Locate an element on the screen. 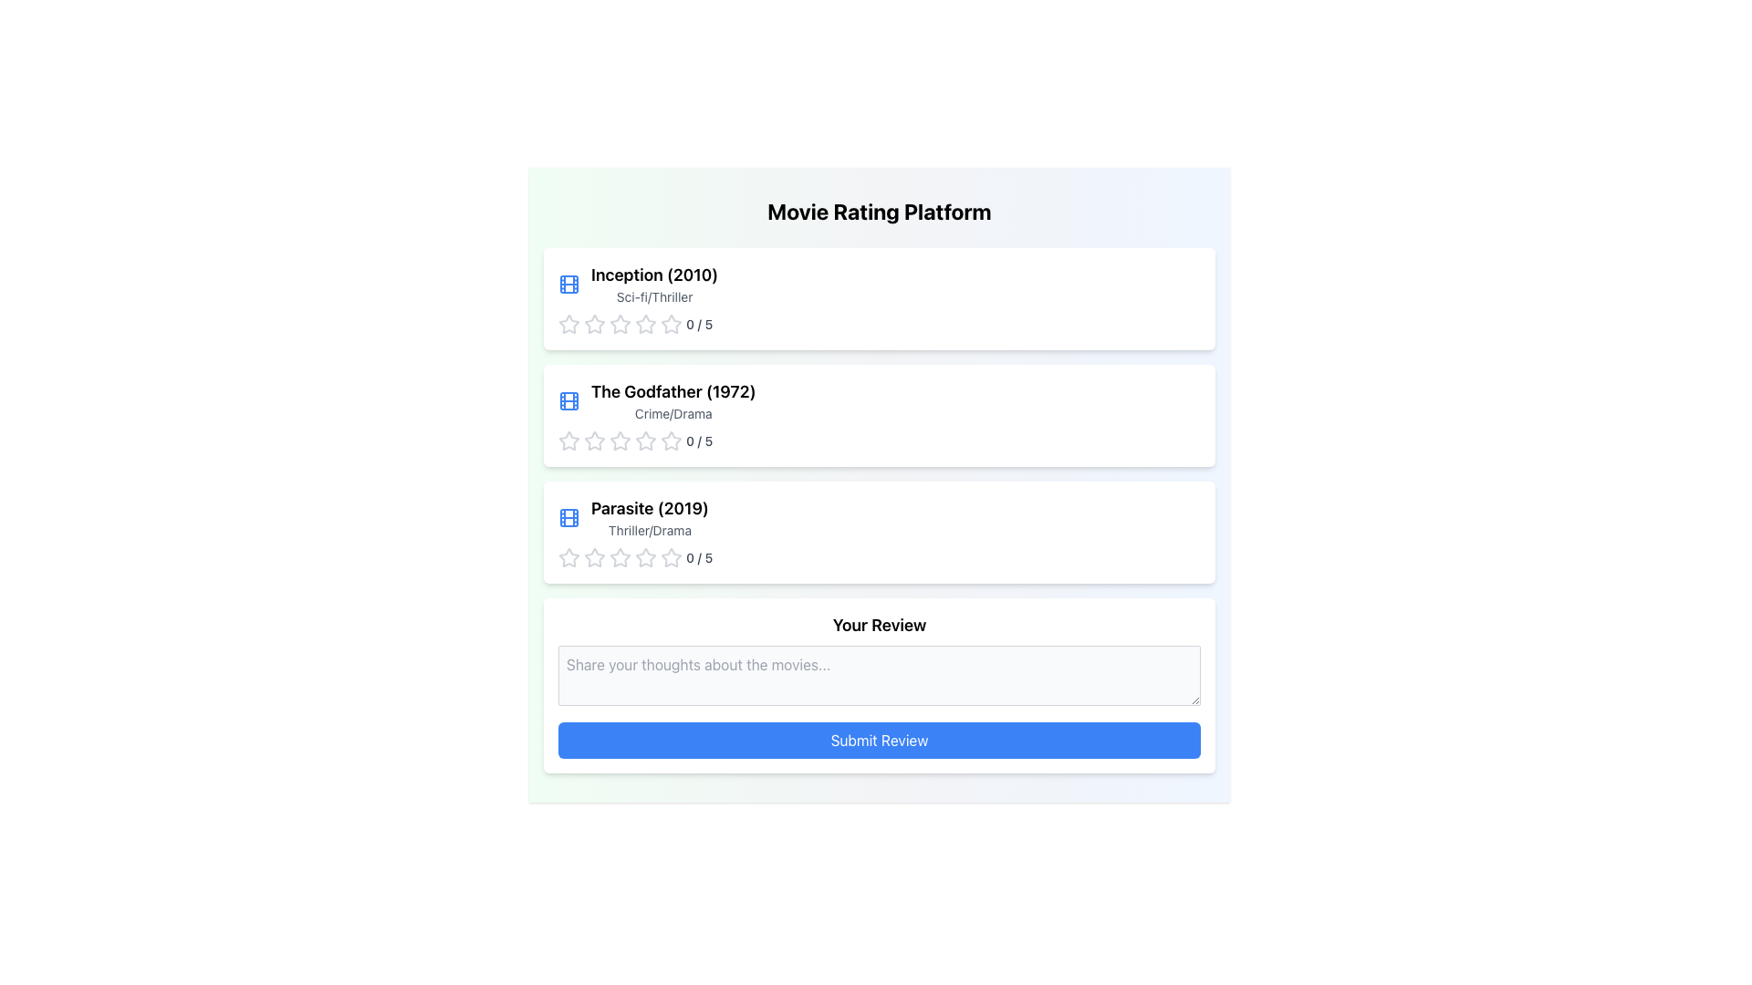  the first star icon to assign a one-star rating for the movie 'Inception (2010)' is located at coordinates (568, 323).